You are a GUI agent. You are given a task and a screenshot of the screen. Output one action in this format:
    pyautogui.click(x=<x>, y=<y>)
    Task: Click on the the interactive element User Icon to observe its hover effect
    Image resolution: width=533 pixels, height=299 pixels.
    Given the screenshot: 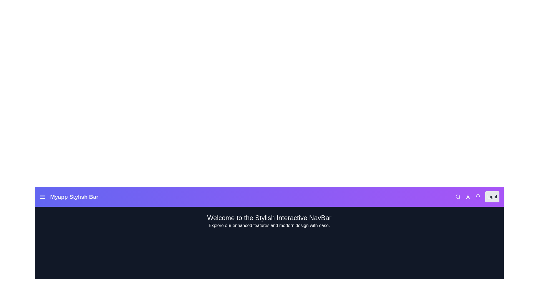 What is the action you would take?
    pyautogui.click(x=467, y=196)
    